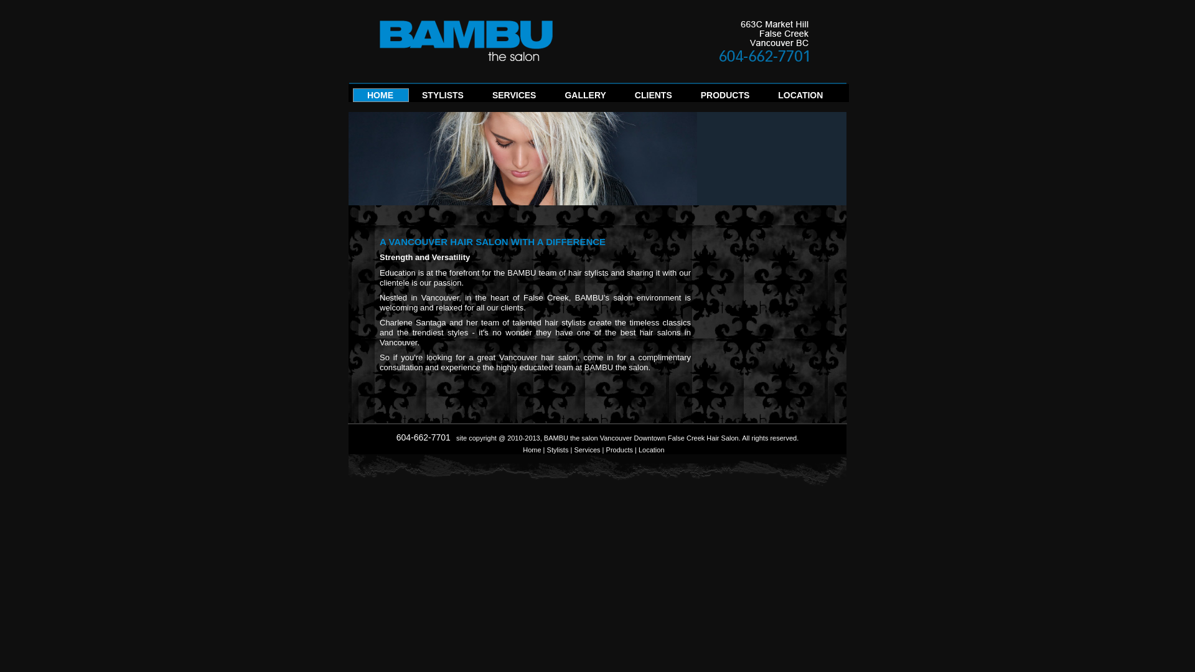 The height and width of the screenshot is (672, 1195). What do you see at coordinates (532, 449) in the screenshot?
I see `'Home'` at bounding box center [532, 449].